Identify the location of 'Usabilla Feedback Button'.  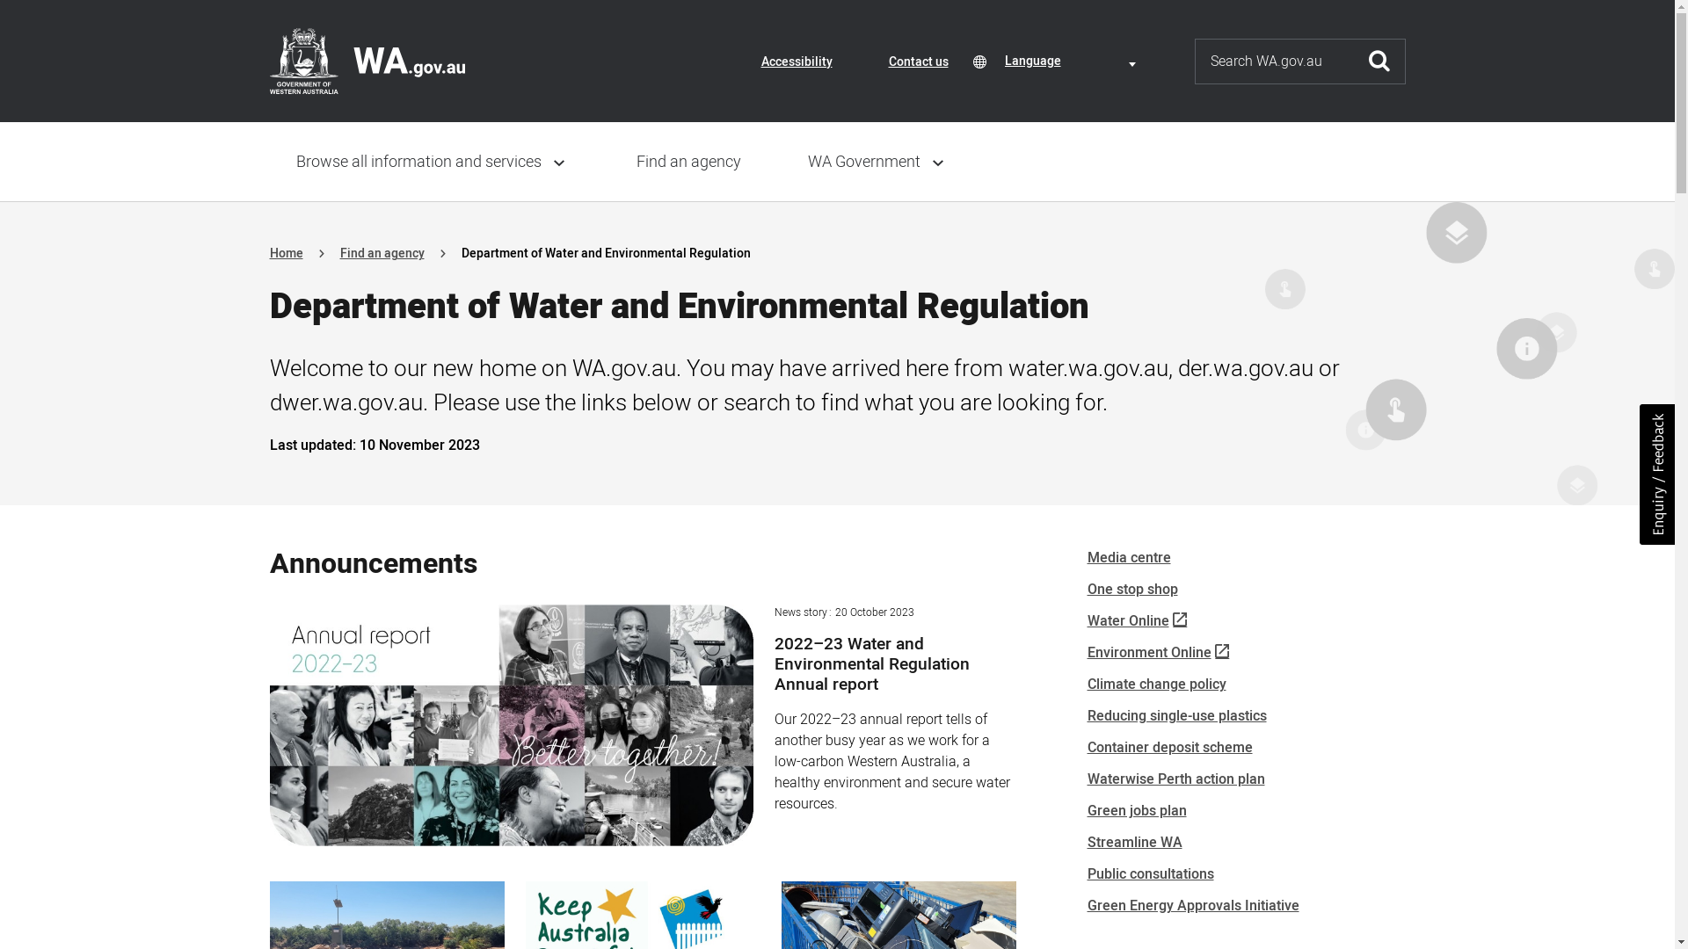
(1656, 474).